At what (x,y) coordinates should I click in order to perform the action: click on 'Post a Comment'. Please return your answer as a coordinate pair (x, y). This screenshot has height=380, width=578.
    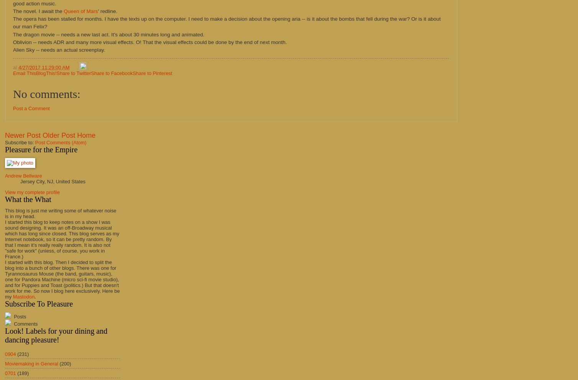
    Looking at the image, I should click on (31, 108).